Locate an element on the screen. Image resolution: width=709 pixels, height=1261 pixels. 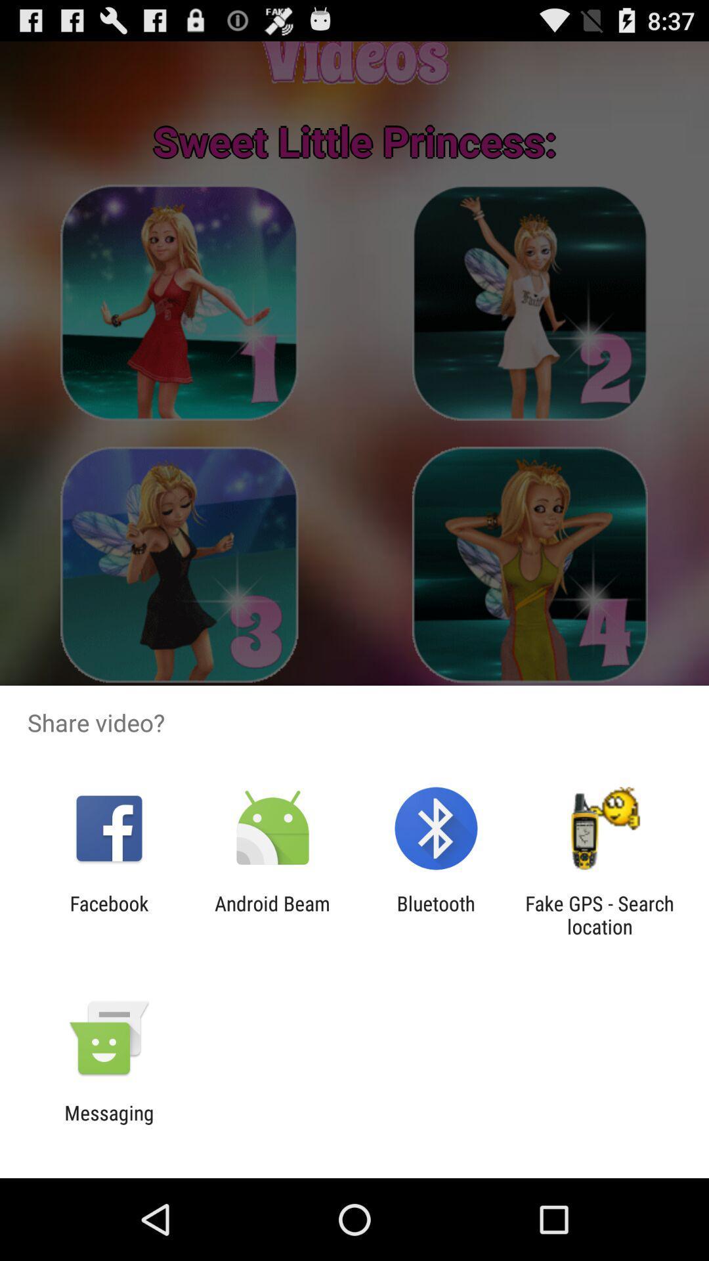
item at the bottom right corner is located at coordinates (599, 914).